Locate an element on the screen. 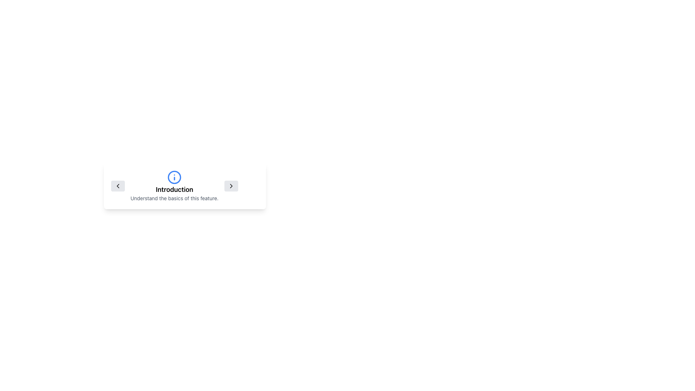 This screenshot has width=695, height=391. the informational card located in the center of the white card, which provides an introduction and brief description of a feature is located at coordinates (185, 185).